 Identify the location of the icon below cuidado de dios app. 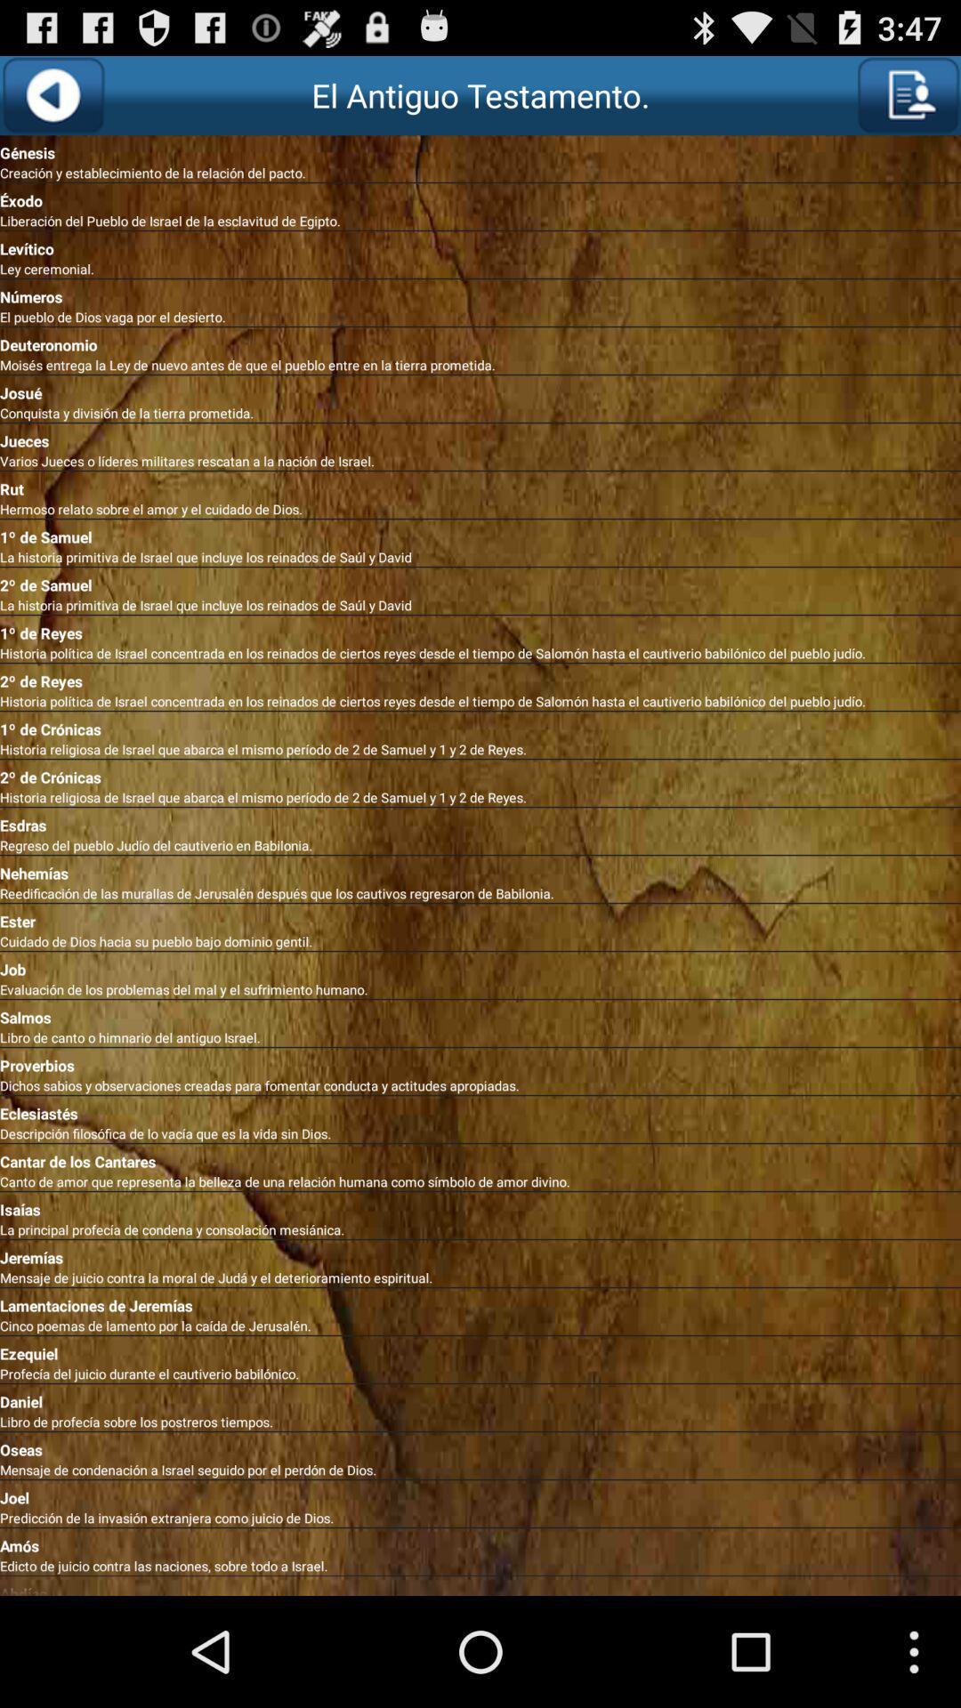
(480, 964).